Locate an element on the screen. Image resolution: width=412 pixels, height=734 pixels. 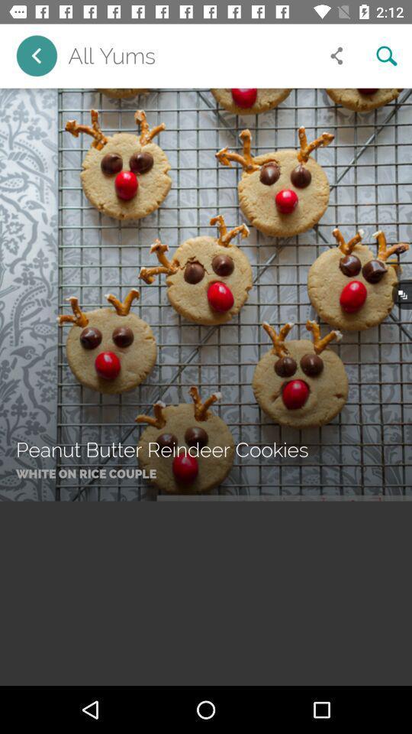
switch to previous page is located at coordinates (37, 56).